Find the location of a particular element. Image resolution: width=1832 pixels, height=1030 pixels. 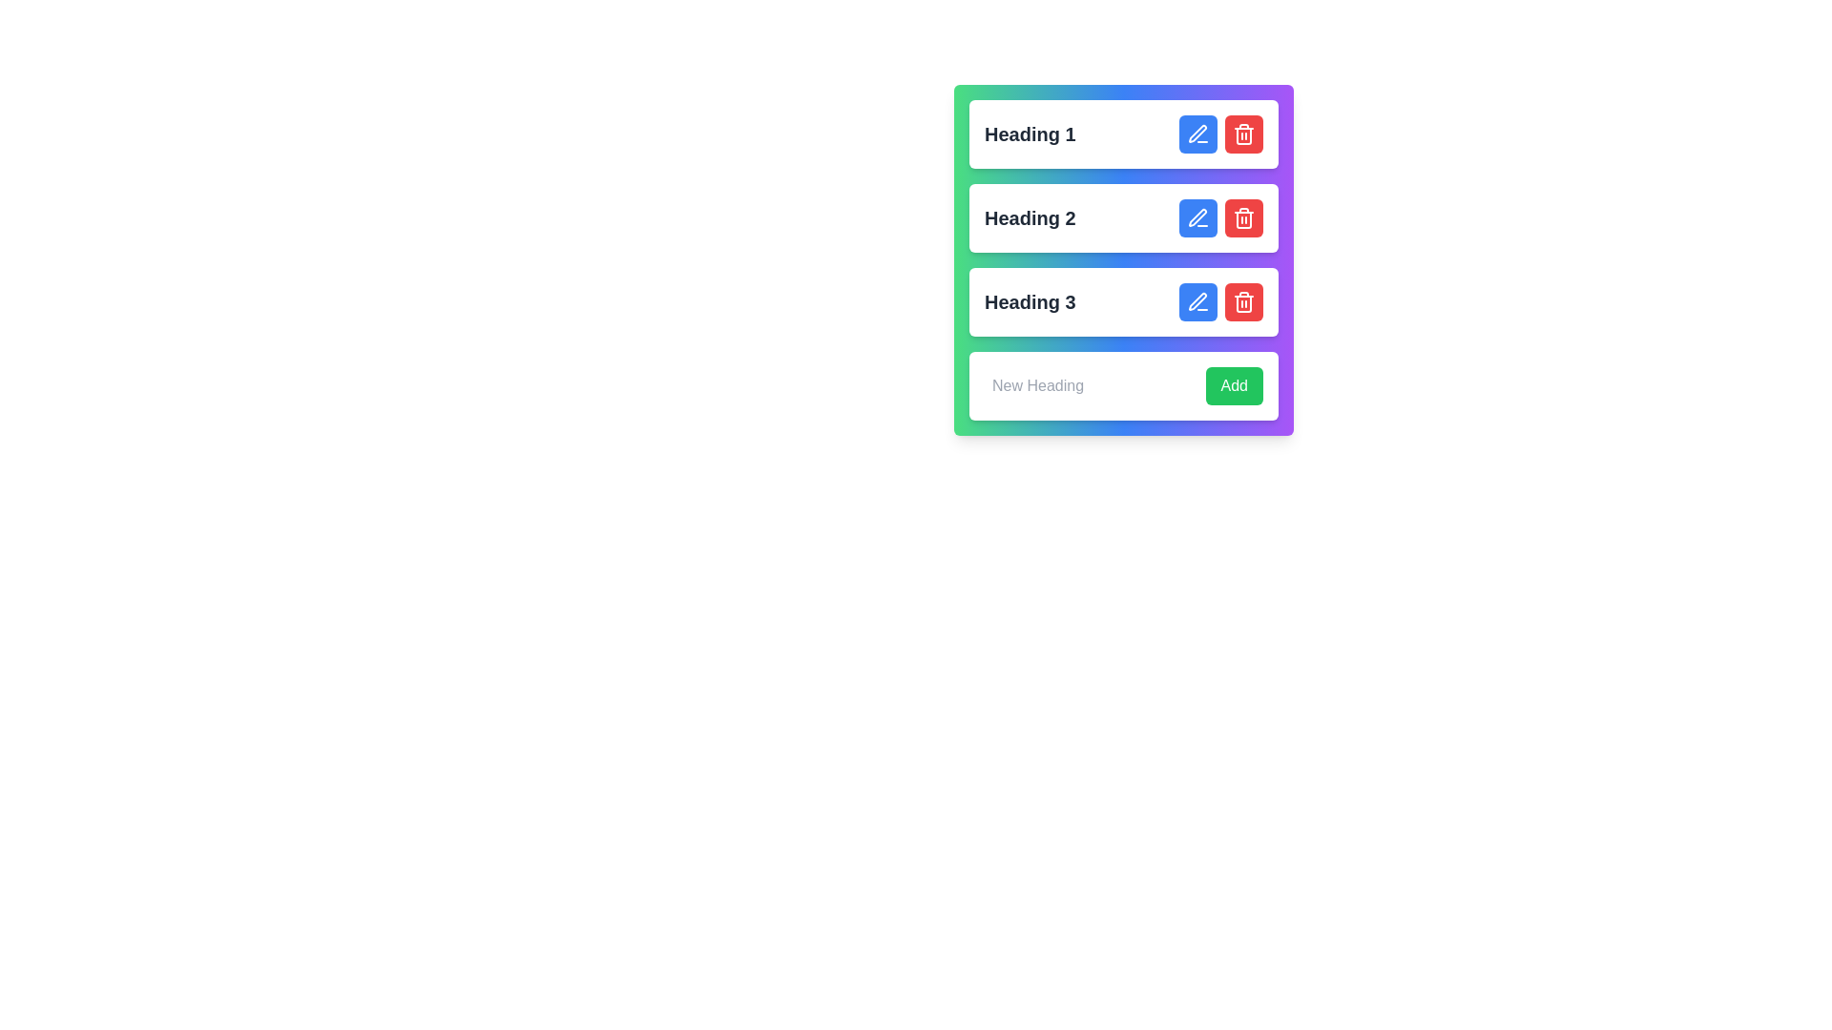

the blue button with rounded corners containing a pen icon is located at coordinates (1197, 216).